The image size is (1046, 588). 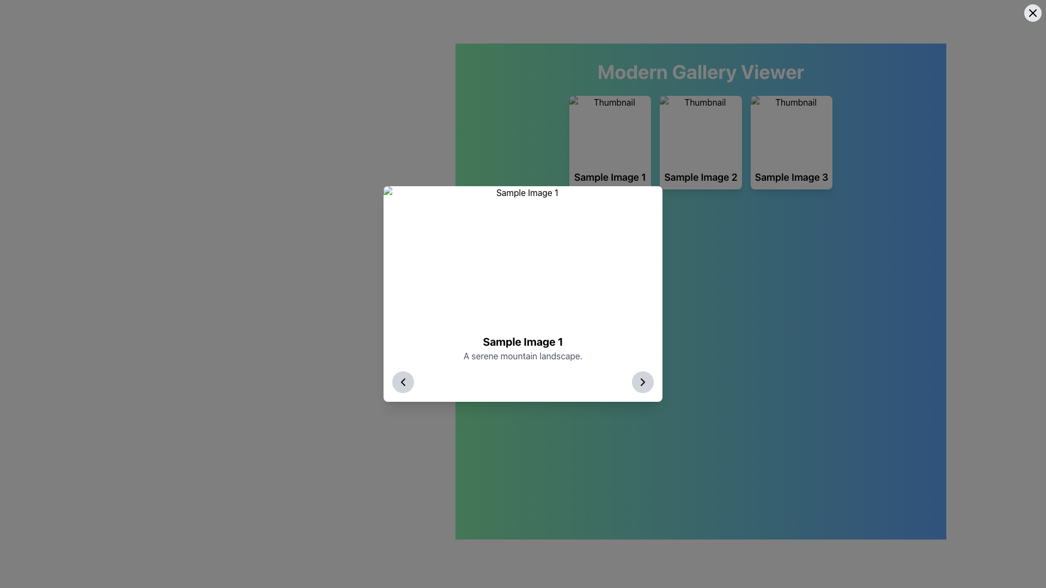 What do you see at coordinates (701, 177) in the screenshot?
I see `the Text label that serves as a caption or title for the thumbnail image, located in the second card of the gallery viewer interface` at bounding box center [701, 177].